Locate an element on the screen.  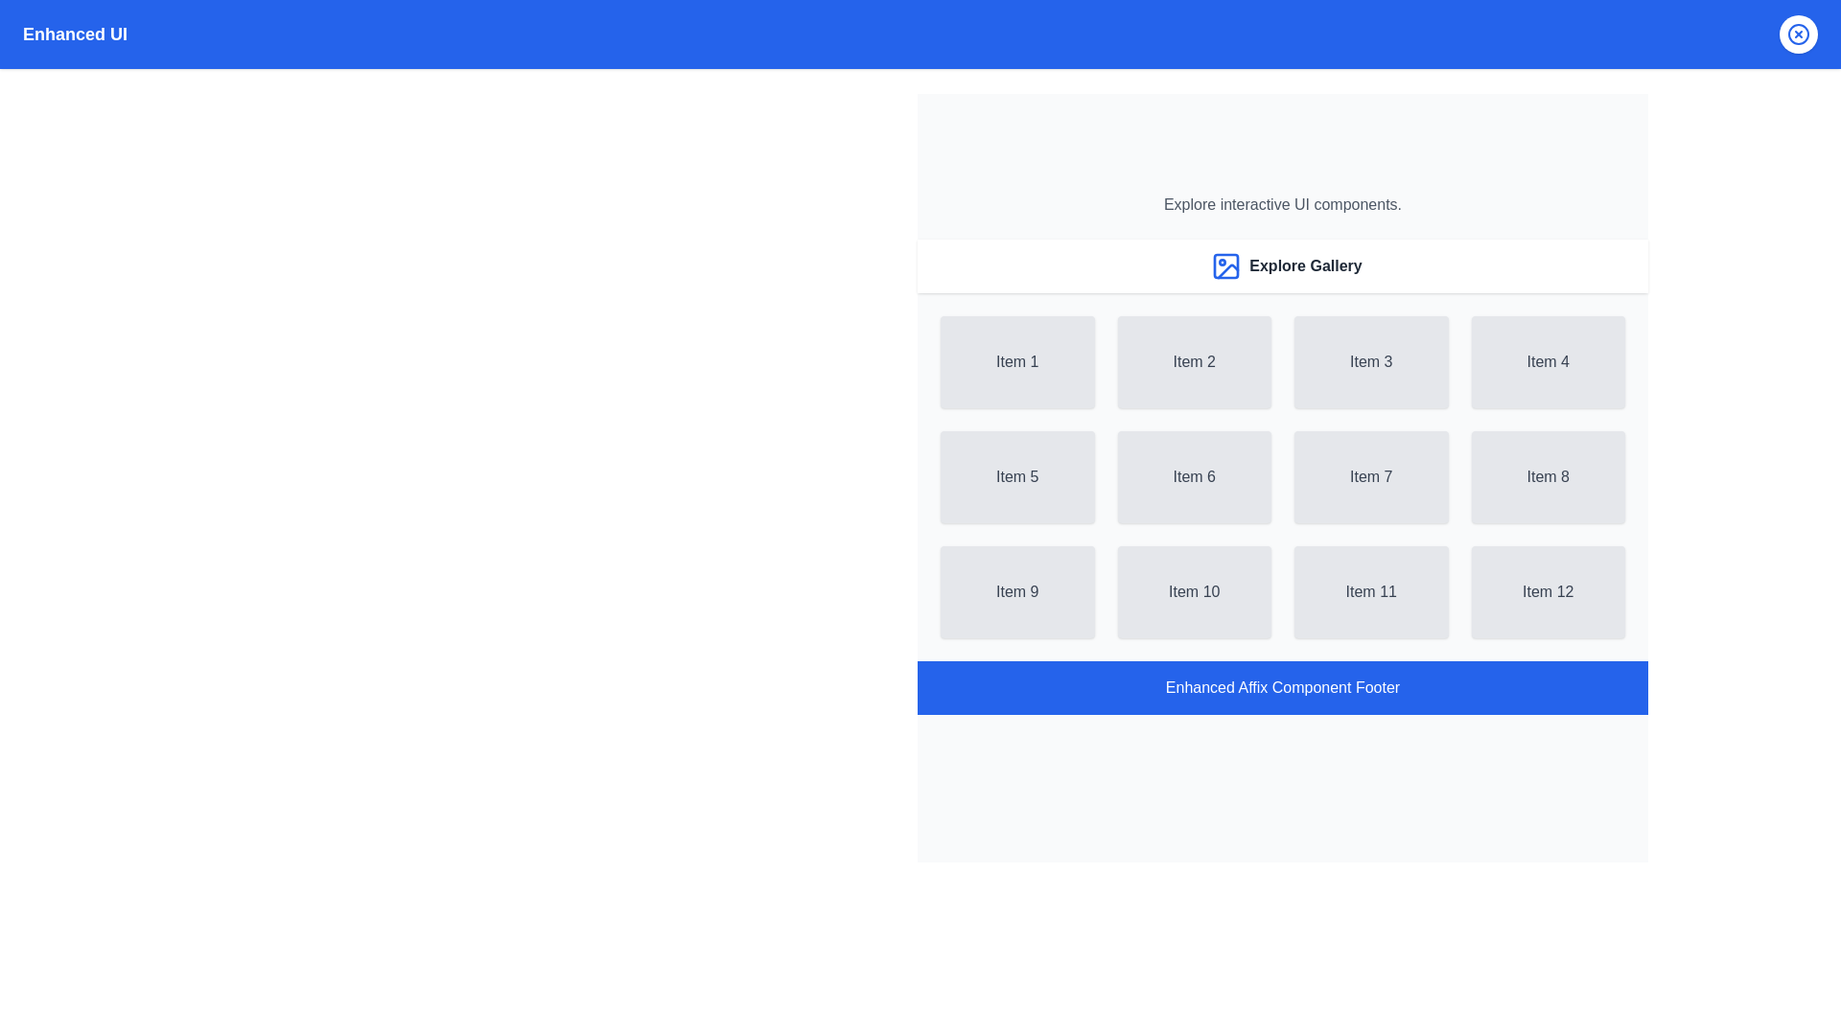
the grid item labeled 'Item 12', which is a rectangular box with rounded corners and dark gray text is located at coordinates (1548, 590).